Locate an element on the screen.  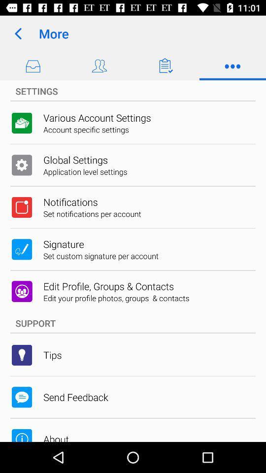
the app above edit profile groups icon is located at coordinates (100, 255).